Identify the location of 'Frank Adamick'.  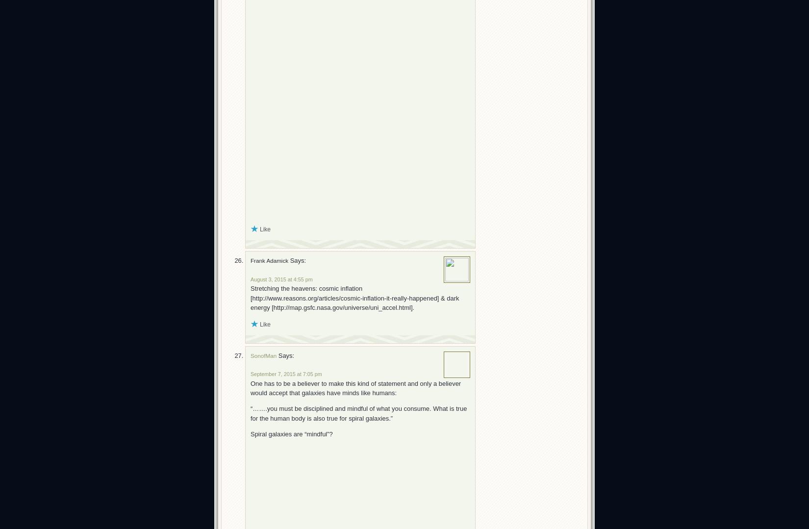
(250, 260).